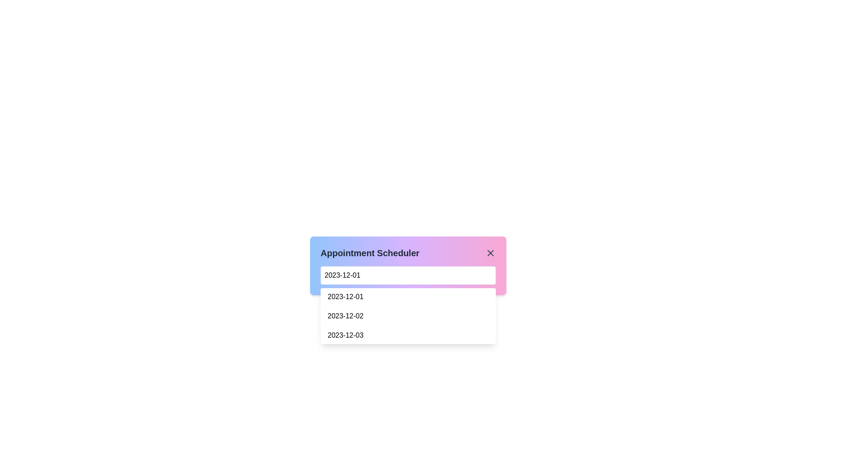  I want to click on the close button represented by an 'X' icon situated at the top-right corner of the modal labeled 'Appointment Scheduler', so click(490, 253).